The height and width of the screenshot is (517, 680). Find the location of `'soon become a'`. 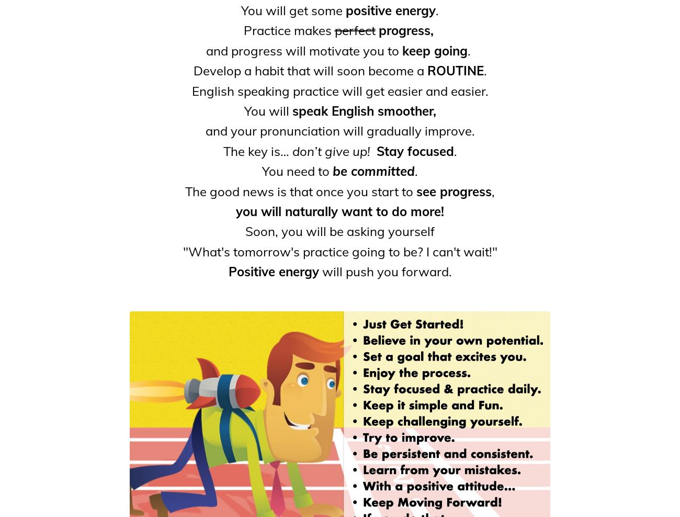

'soon become a' is located at coordinates (381, 70).